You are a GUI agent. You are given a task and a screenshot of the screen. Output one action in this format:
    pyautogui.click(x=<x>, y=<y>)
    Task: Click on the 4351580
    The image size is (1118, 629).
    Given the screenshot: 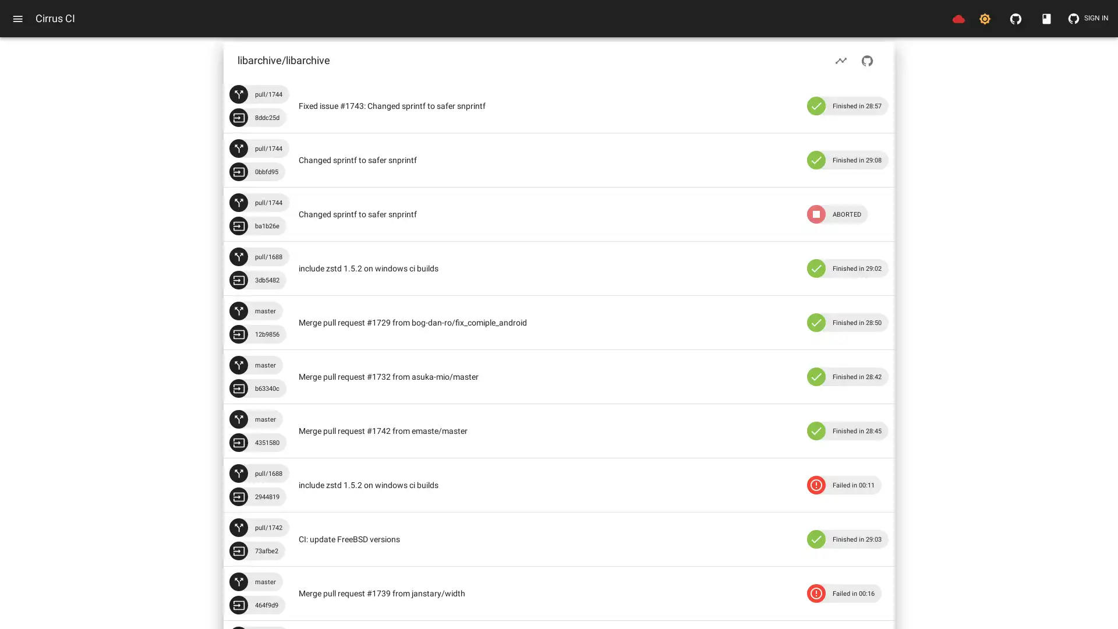 What is the action you would take?
    pyautogui.click(x=257, y=442)
    